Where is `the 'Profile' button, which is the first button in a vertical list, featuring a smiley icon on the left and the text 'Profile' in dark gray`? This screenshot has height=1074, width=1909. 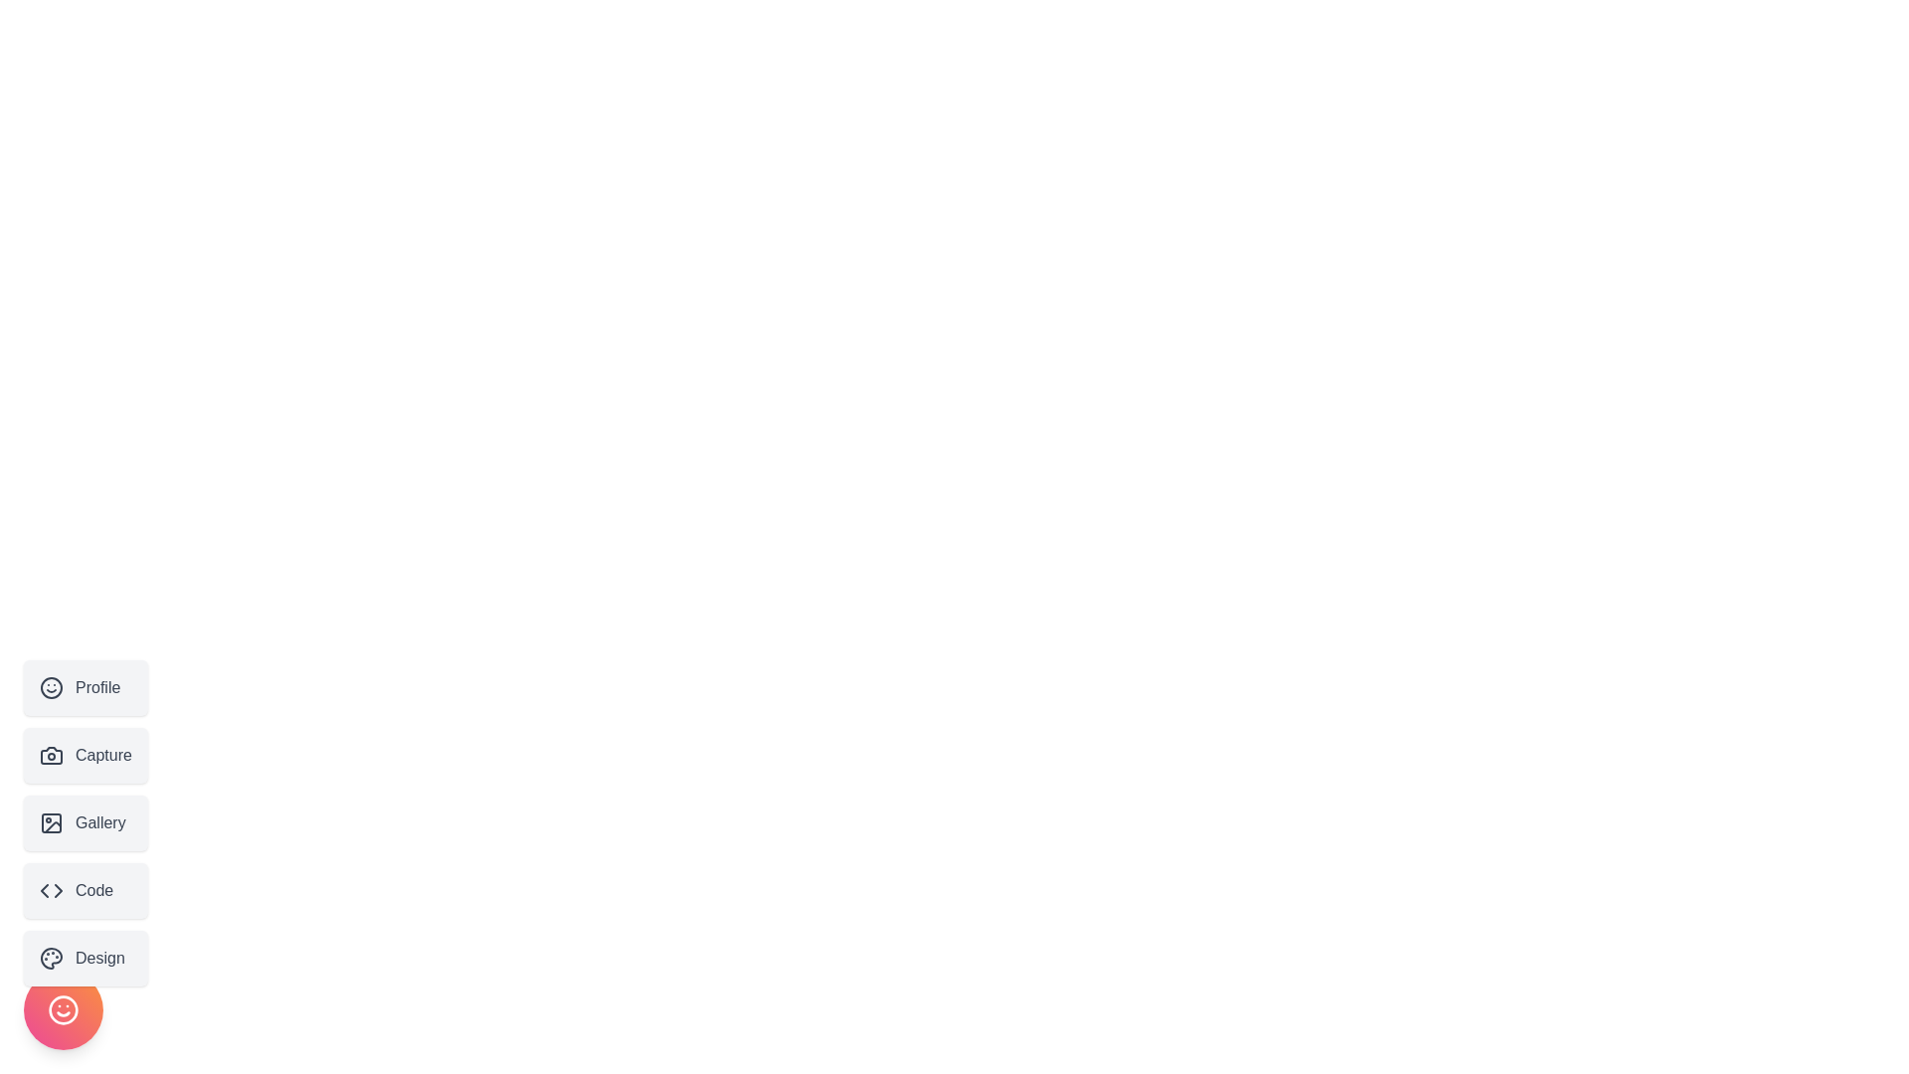
the 'Profile' button, which is the first button in a vertical list, featuring a smiley icon on the left and the text 'Profile' in dark gray is located at coordinates (85, 686).